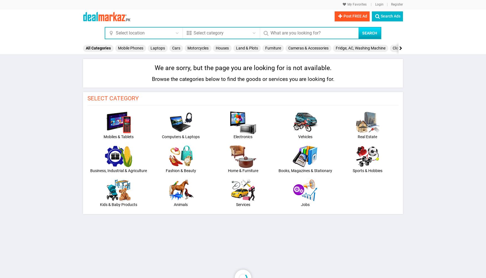 Image resolution: width=486 pixels, height=278 pixels. Describe the element at coordinates (180, 170) in the screenshot. I see `'Fashion & Beauty'` at that location.